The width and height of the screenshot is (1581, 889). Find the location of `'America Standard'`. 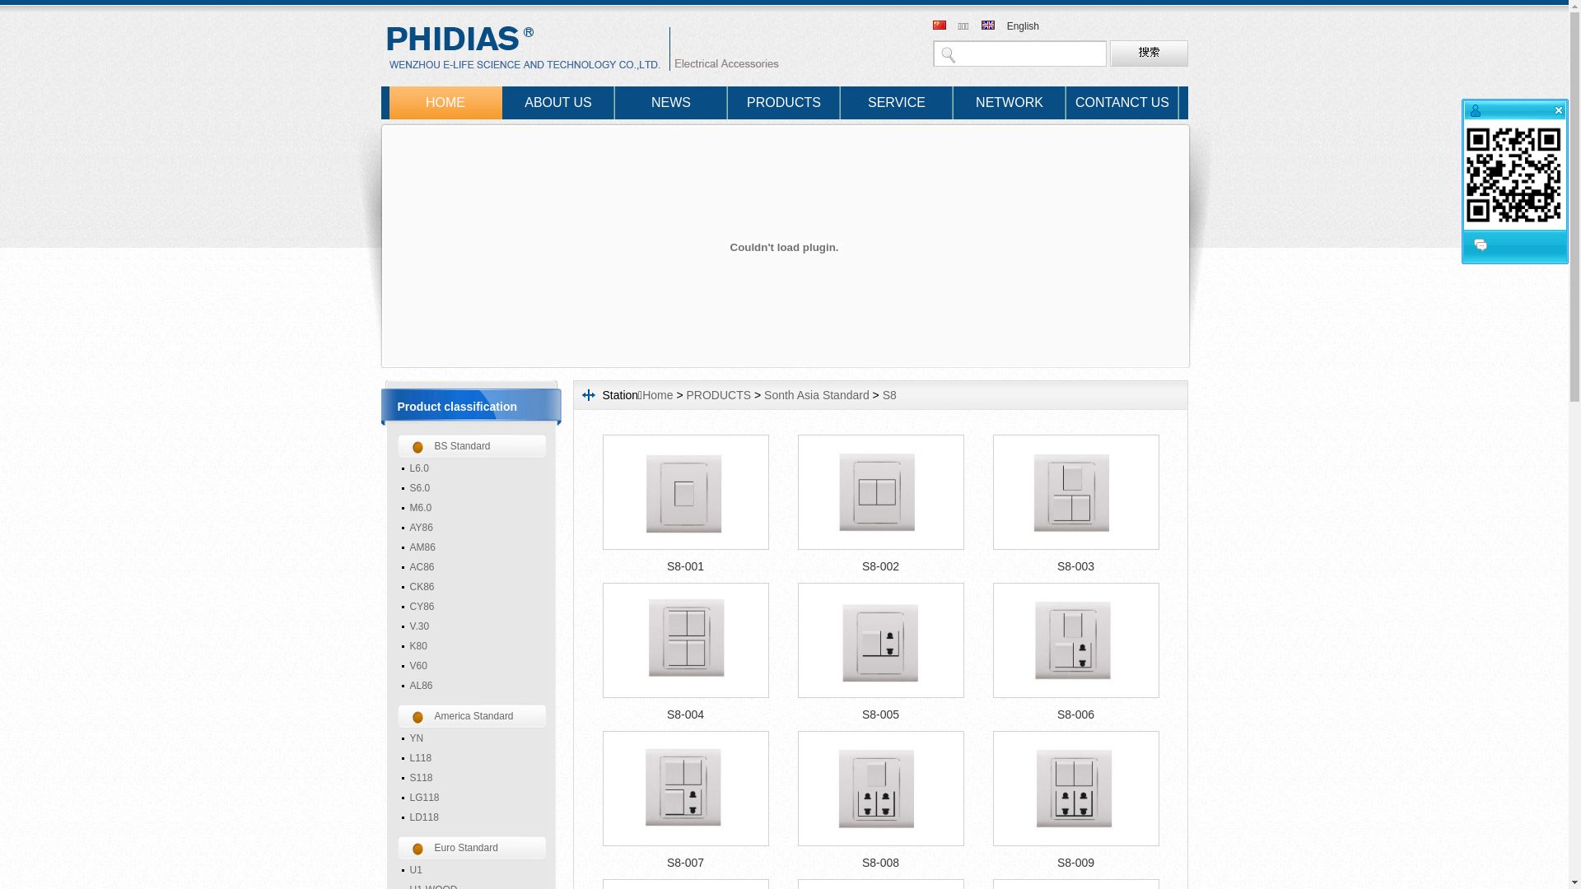

'America Standard' is located at coordinates (469, 715).